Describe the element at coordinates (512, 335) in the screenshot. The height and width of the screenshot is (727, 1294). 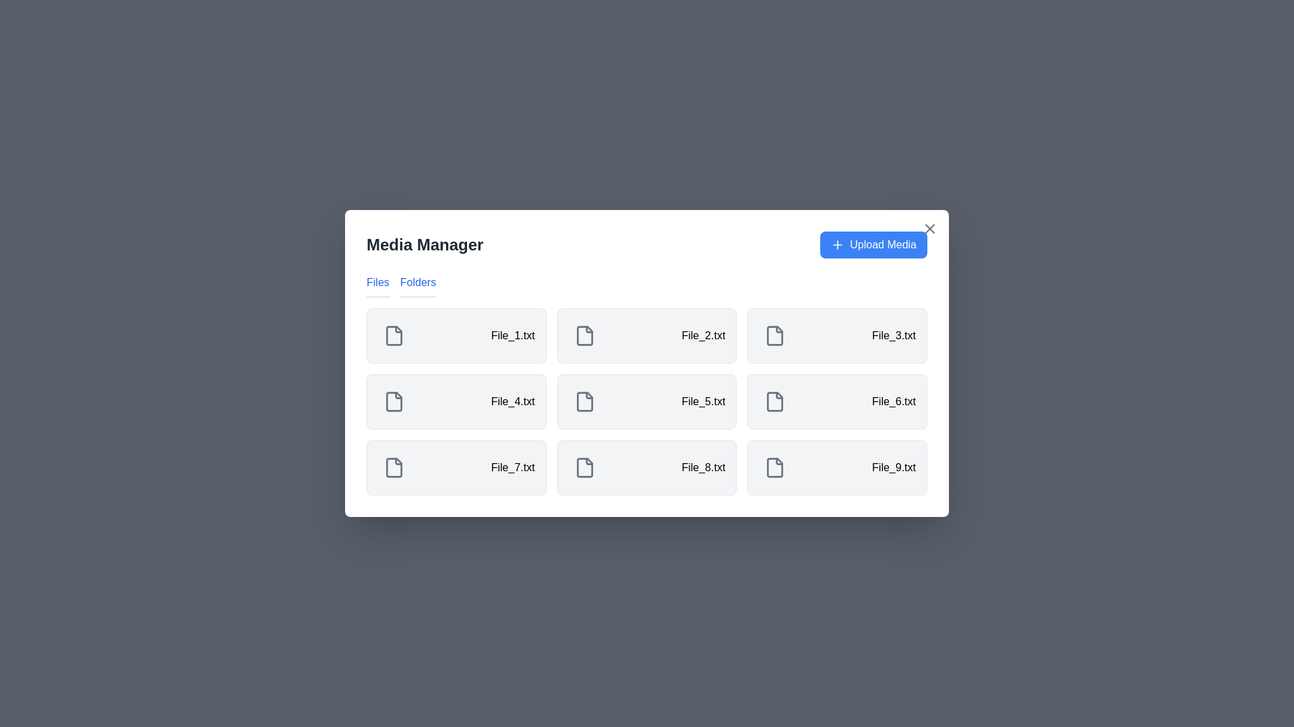
I see `the text label displaying 'File_1.txt' in the file manager grid, as it has functionality attached to it` at that location.